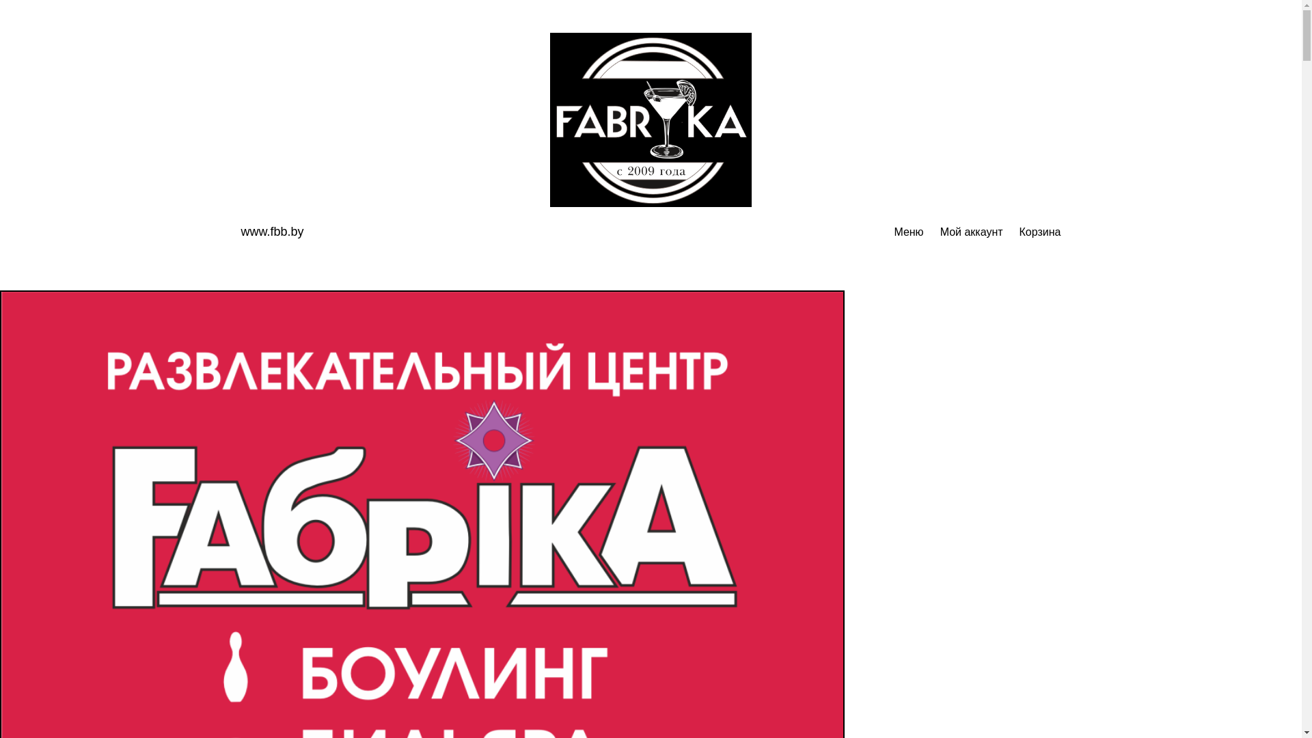  I want to click on 'www.fbb.by', so click(272, 231).